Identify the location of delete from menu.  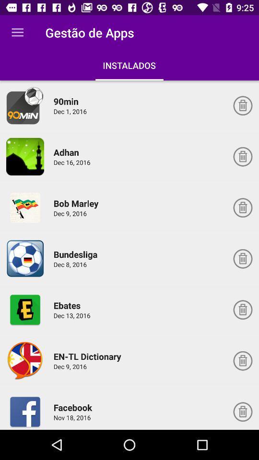
(242, 309).